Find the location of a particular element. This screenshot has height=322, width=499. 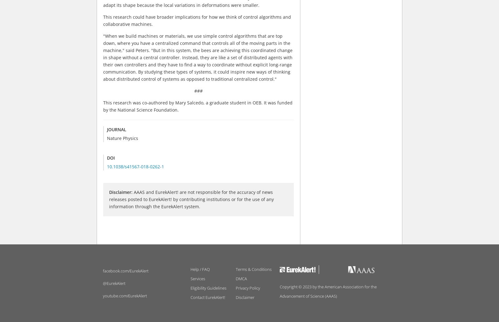

'facebook.com/EurekAlert' is located at coordinates (125, 270).